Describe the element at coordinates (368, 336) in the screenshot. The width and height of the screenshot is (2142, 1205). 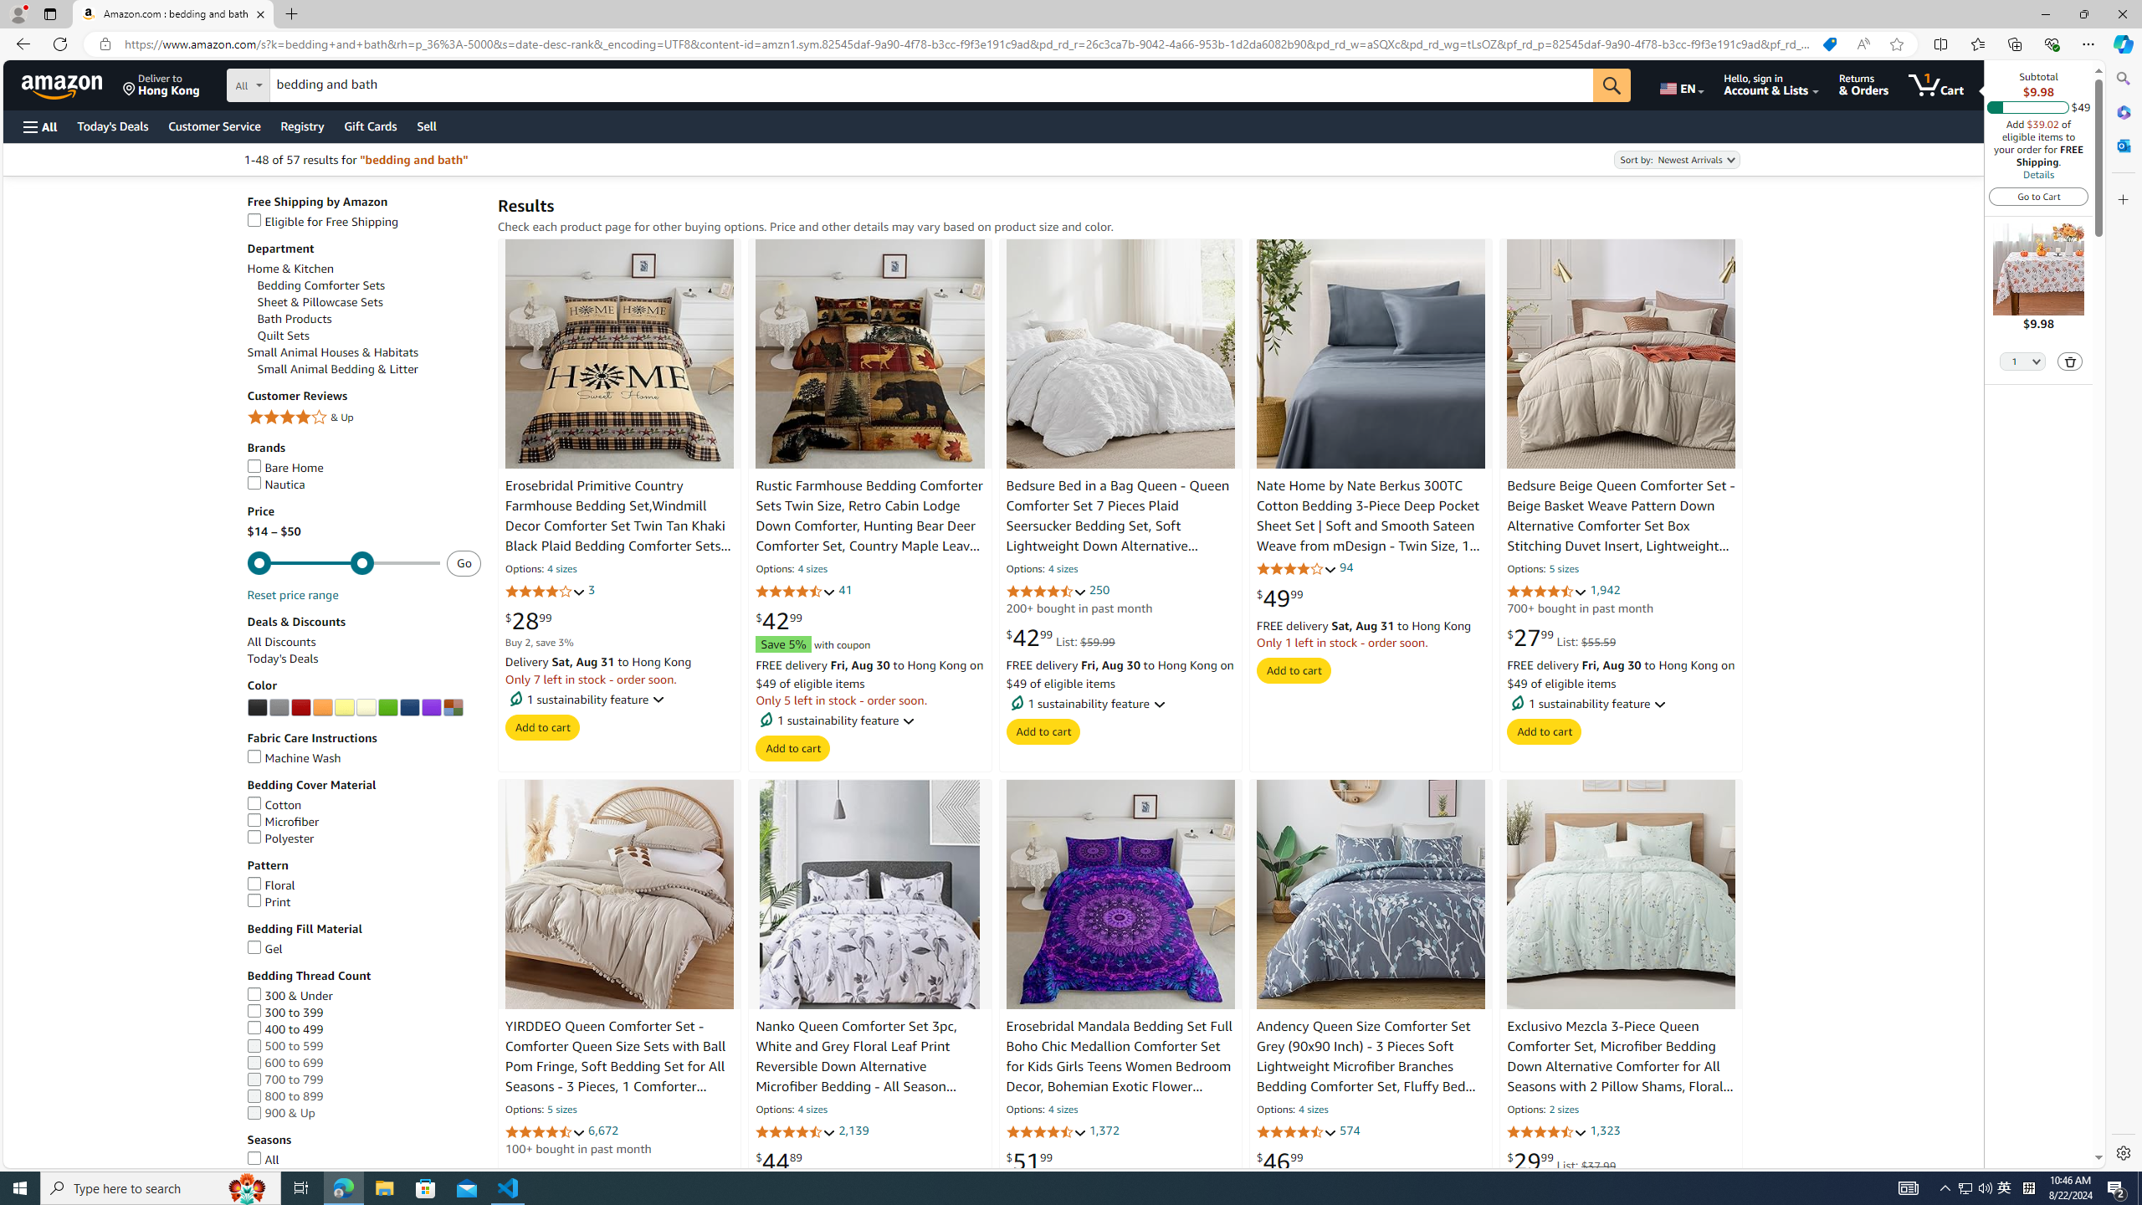
I see `'Quilt Sets'` at that location.